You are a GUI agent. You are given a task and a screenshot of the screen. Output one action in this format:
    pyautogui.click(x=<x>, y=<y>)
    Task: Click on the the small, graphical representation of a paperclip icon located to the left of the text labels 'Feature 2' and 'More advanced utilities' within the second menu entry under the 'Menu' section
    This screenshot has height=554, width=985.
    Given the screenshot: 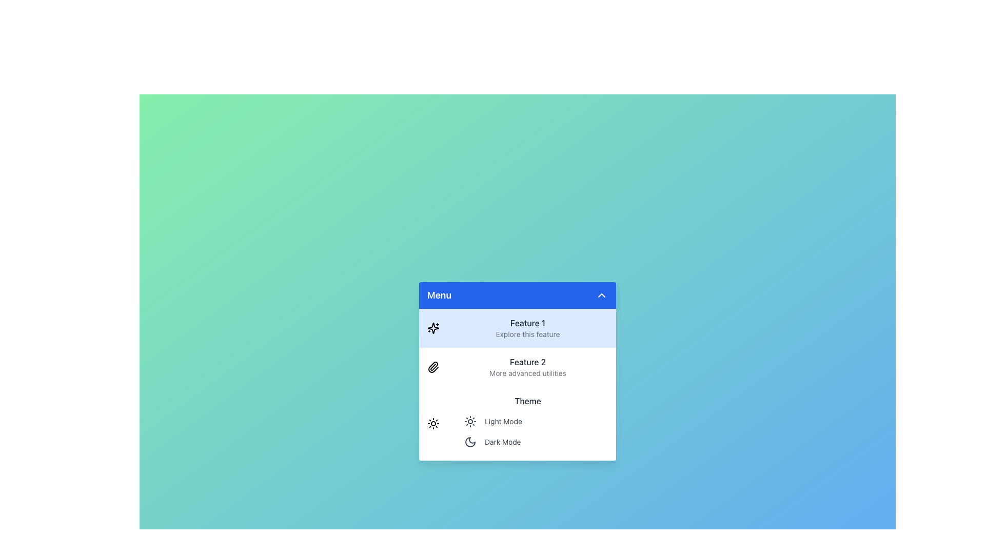 What is the action you would take?
    pyautogui.click(x=433, y=367)
    